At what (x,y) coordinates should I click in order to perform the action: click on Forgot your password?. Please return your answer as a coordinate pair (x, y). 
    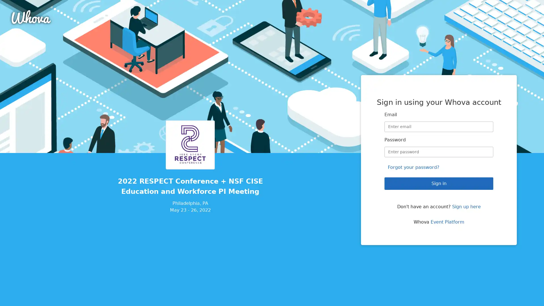
    Looking at the image, I should click on (413, 167).